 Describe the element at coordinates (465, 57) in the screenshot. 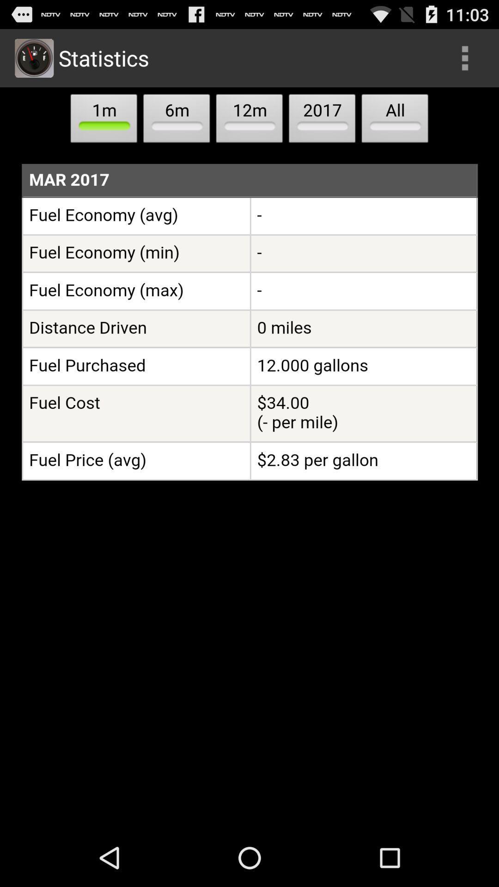

I see `enters settings` at that location.